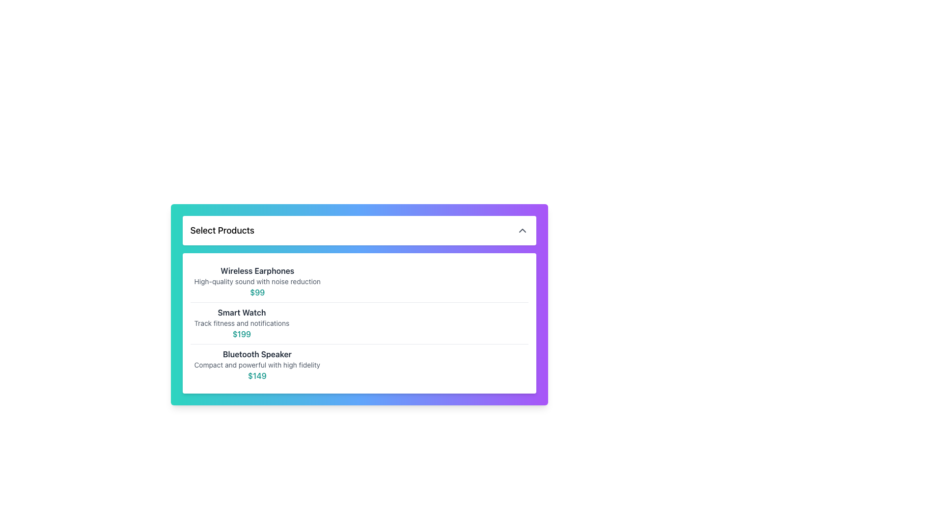 The width and height of the screenshot is (943, 530). I want to click on the text label displaying 'Wireless Earphones', which is styled prominently in bold dark gray, located at the top of the 'Select Products' section, so click(257, 270).